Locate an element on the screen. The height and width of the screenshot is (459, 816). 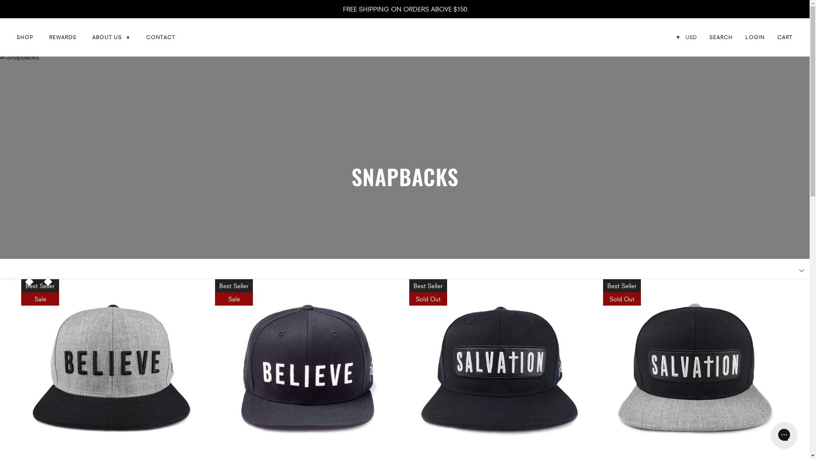
'CAD' is located at coordinates (685, 70).